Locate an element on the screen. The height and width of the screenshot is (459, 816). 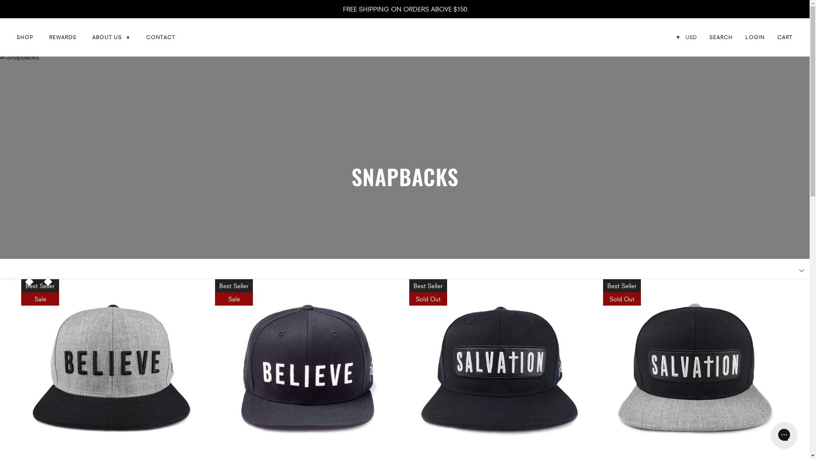
'CAD' is located at coordinates (685, 70).